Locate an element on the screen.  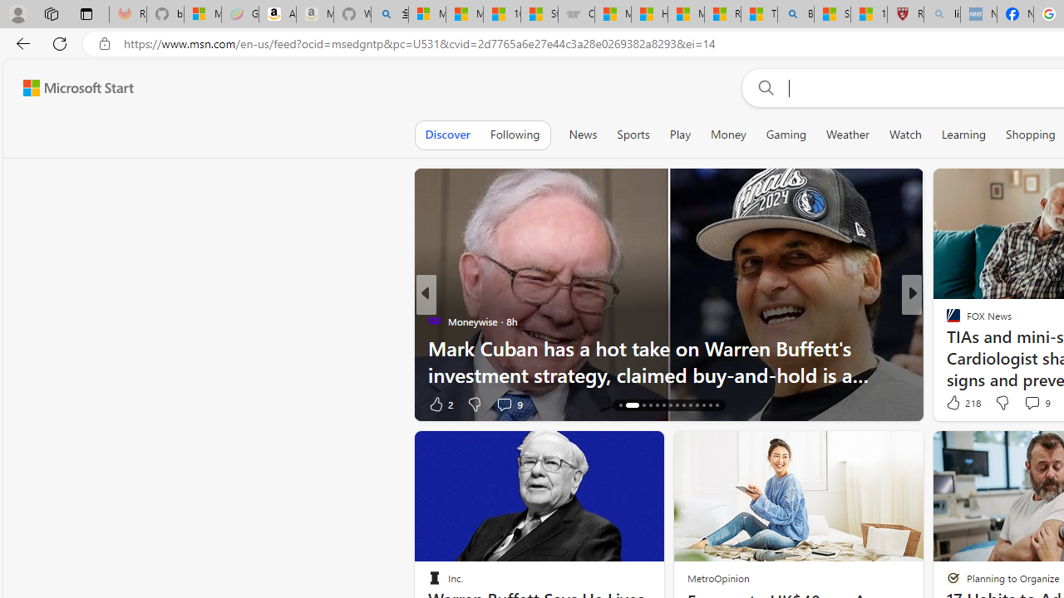
'AutomationID: tab-28' is located at coordinates (717, 405).